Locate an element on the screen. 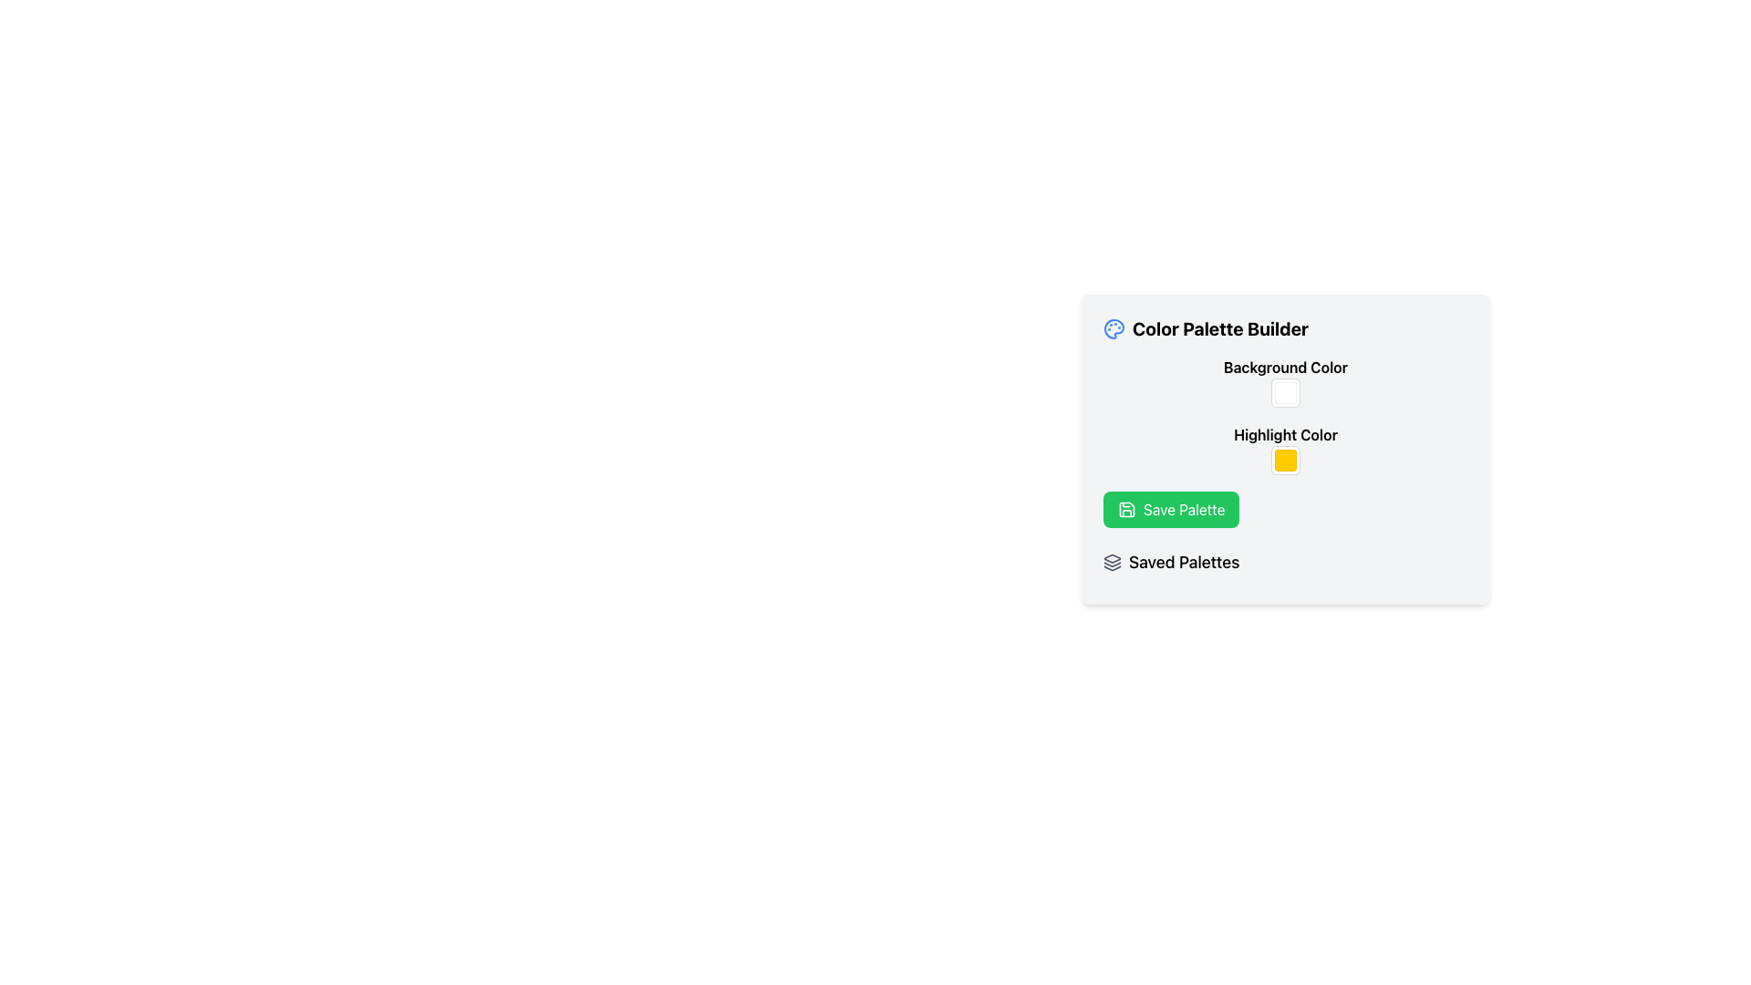  the configuration panel for the color palette builder, which includes a title, color options, a green action button, and a section for saved palettes is located at coordinates (1285, 450).